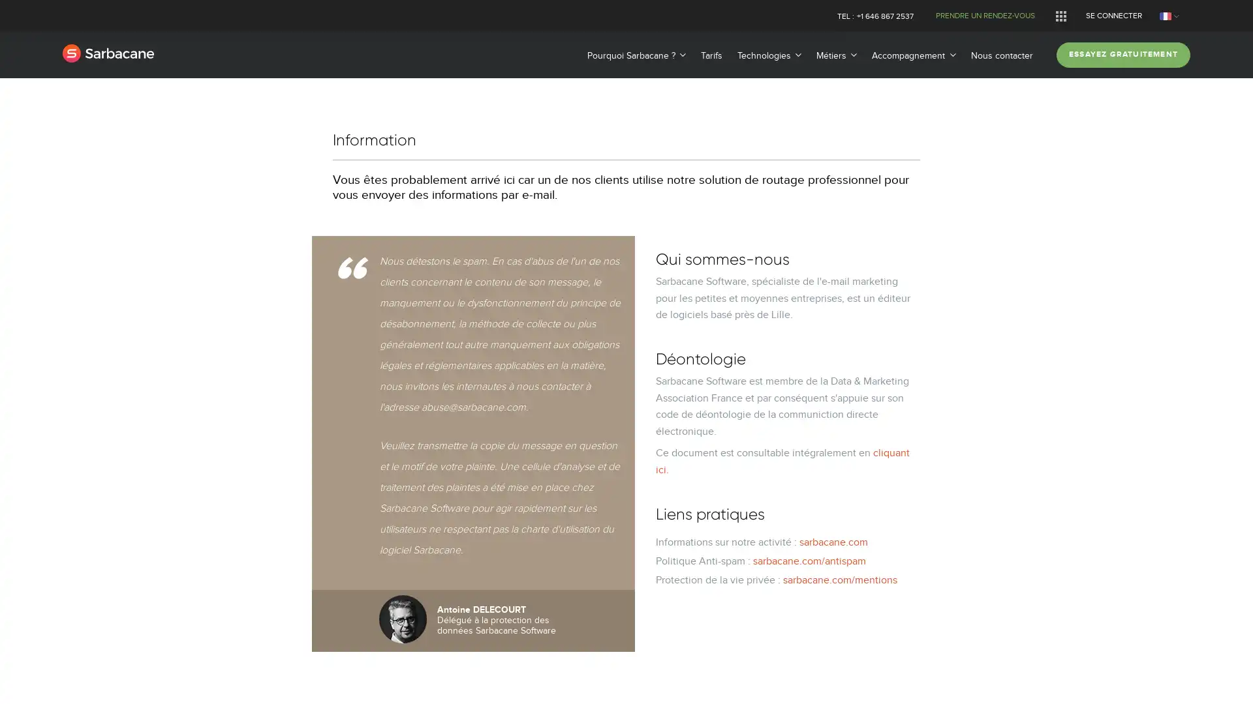  What do you see at coordinates (27, 679) in the screenshot?
I see `Manage your preferences about cookies` at bounding box center [27, 679].